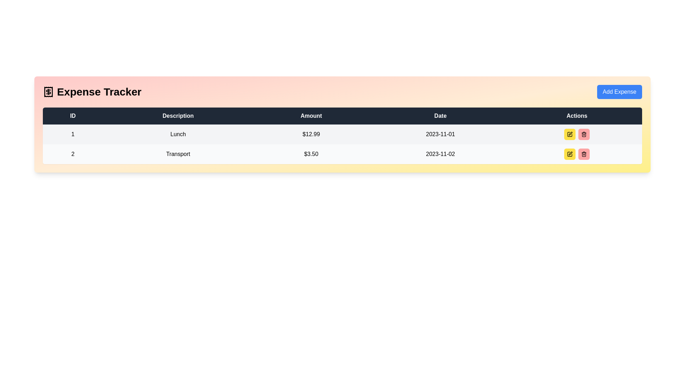 Image resolution: width=680 pixels, height=382 pixels. What do you see at coordinates (619, 91) in the screenshot?
I see `the button located at the top-right corner of the 'Expense Tracker' header` at bounding box center [619, 91].